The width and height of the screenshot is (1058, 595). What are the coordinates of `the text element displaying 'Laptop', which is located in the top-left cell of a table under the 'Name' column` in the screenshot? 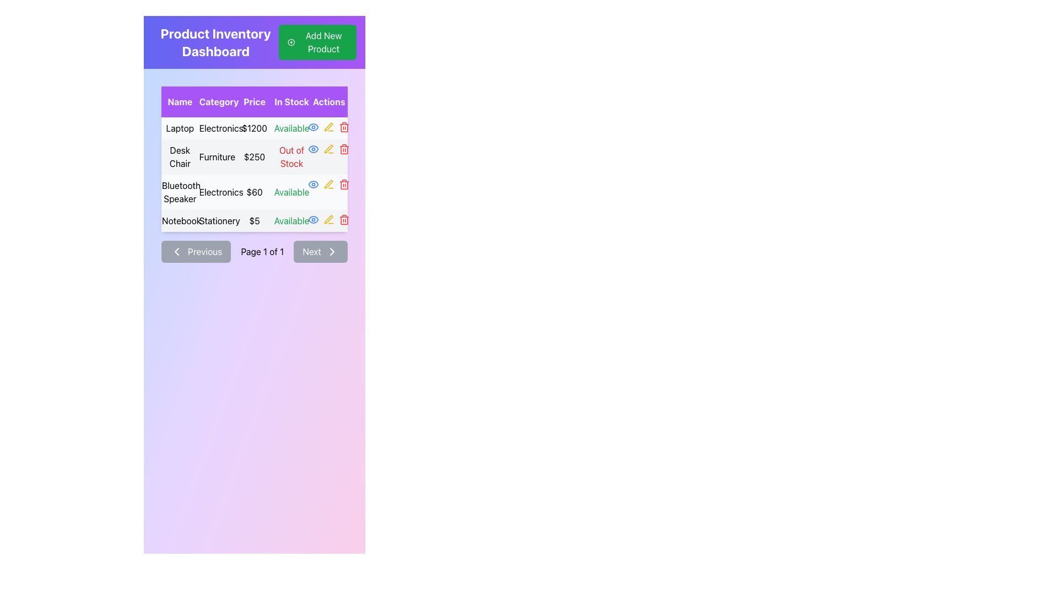 It's located at (180, 127).